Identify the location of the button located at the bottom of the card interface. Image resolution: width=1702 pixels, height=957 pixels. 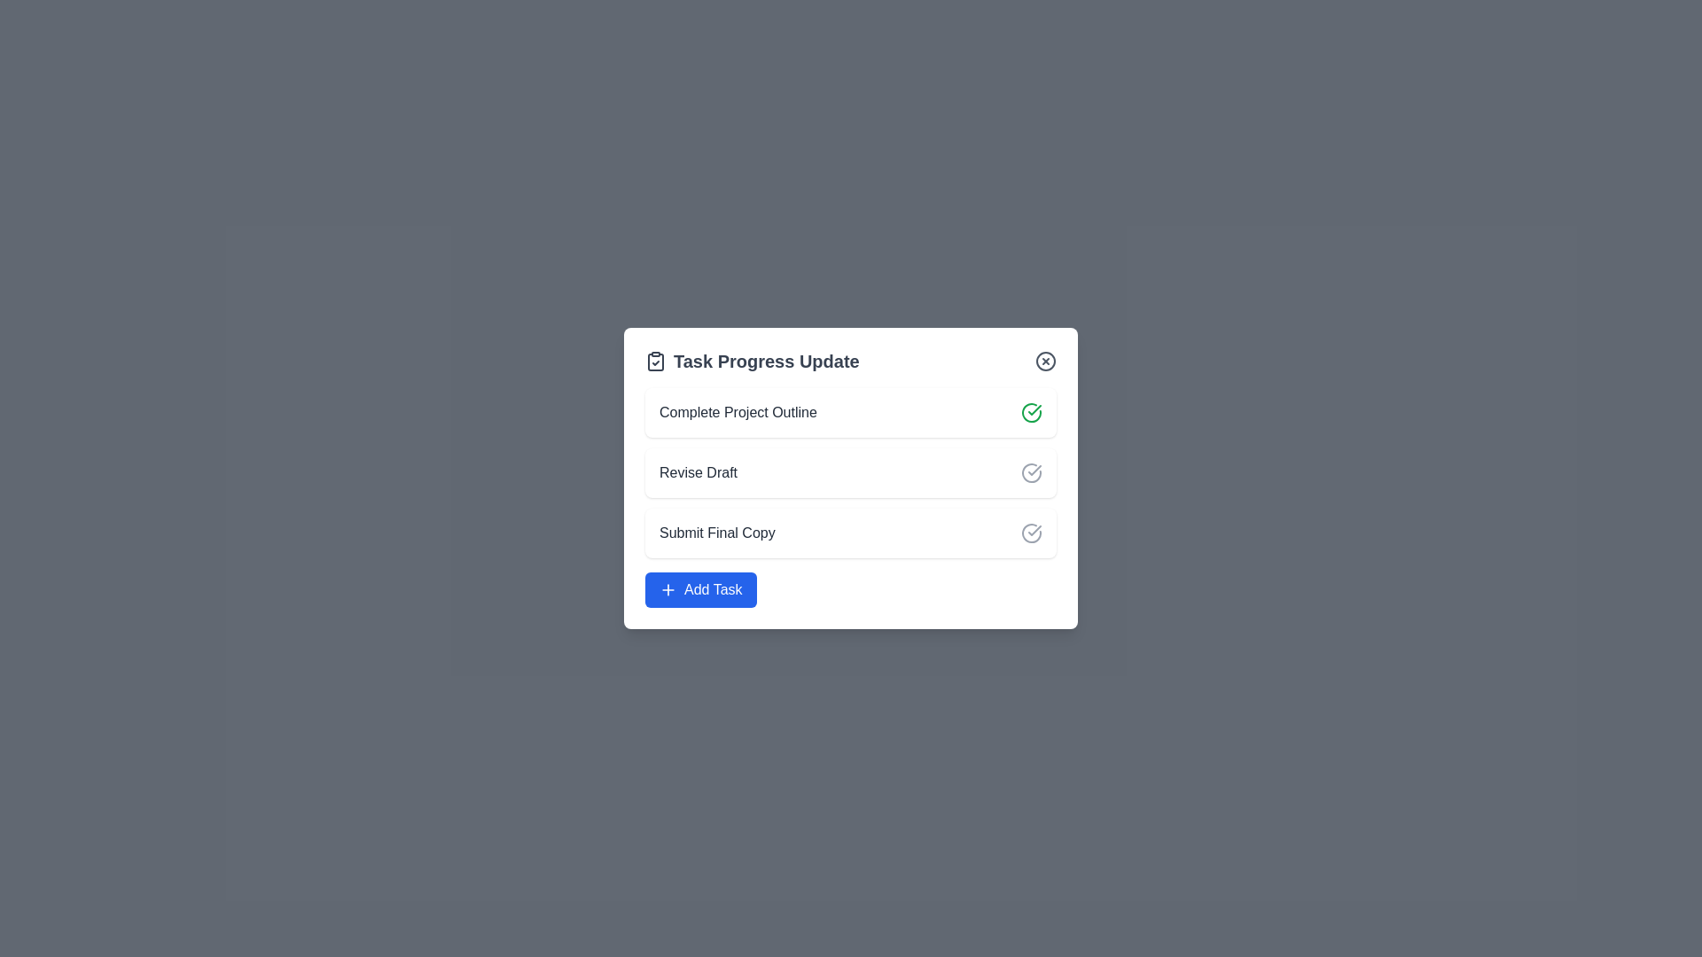
(699, 590).